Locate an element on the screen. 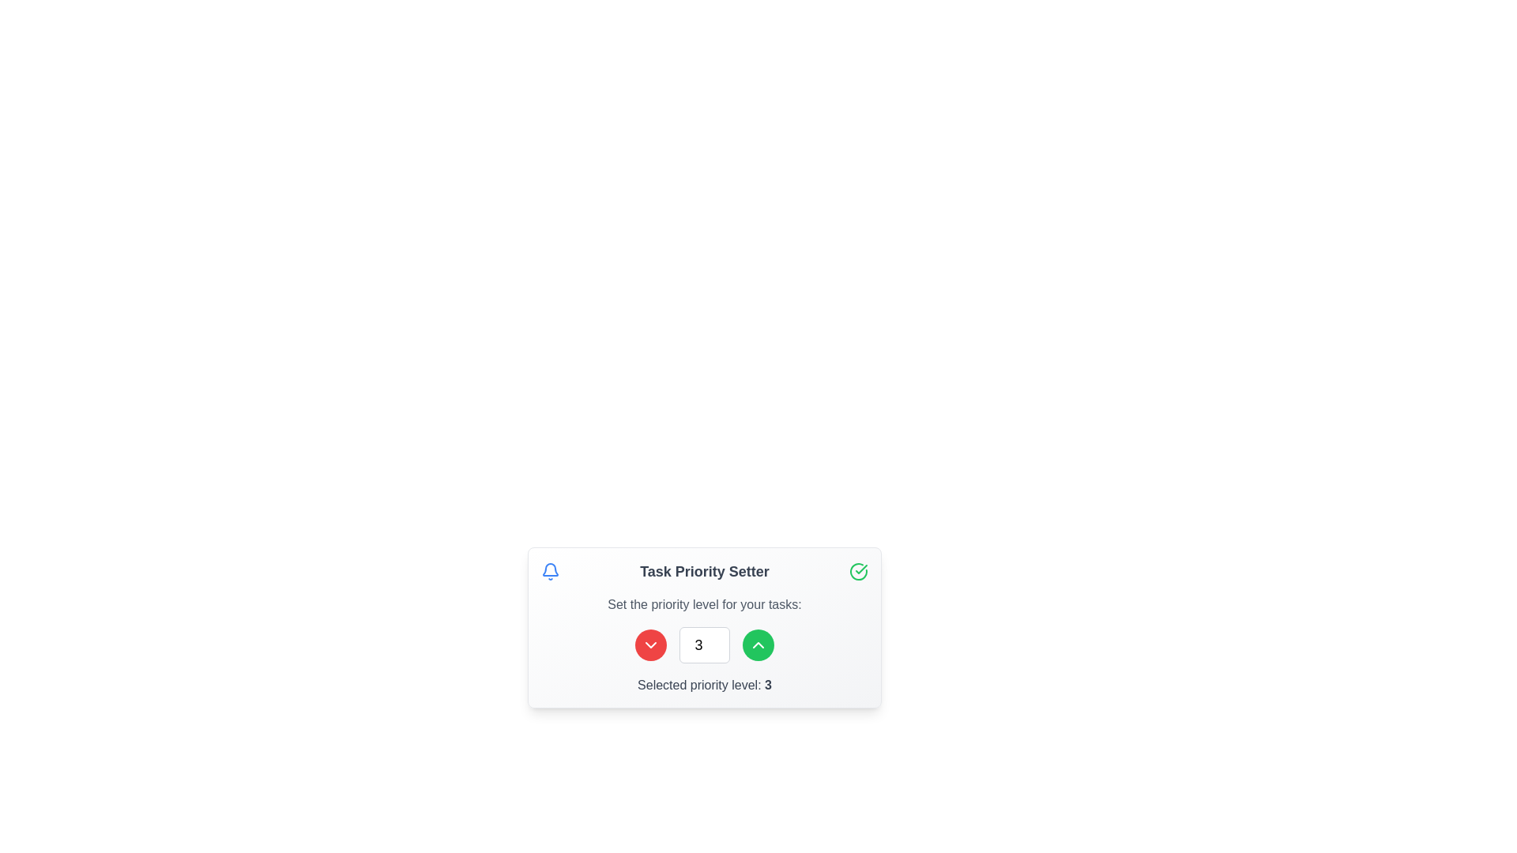  the header text label that indicates the purpose of the task management panel, which is positioned at the top of the panel and flanked by decorative icons is located at coordinates (704, 572).